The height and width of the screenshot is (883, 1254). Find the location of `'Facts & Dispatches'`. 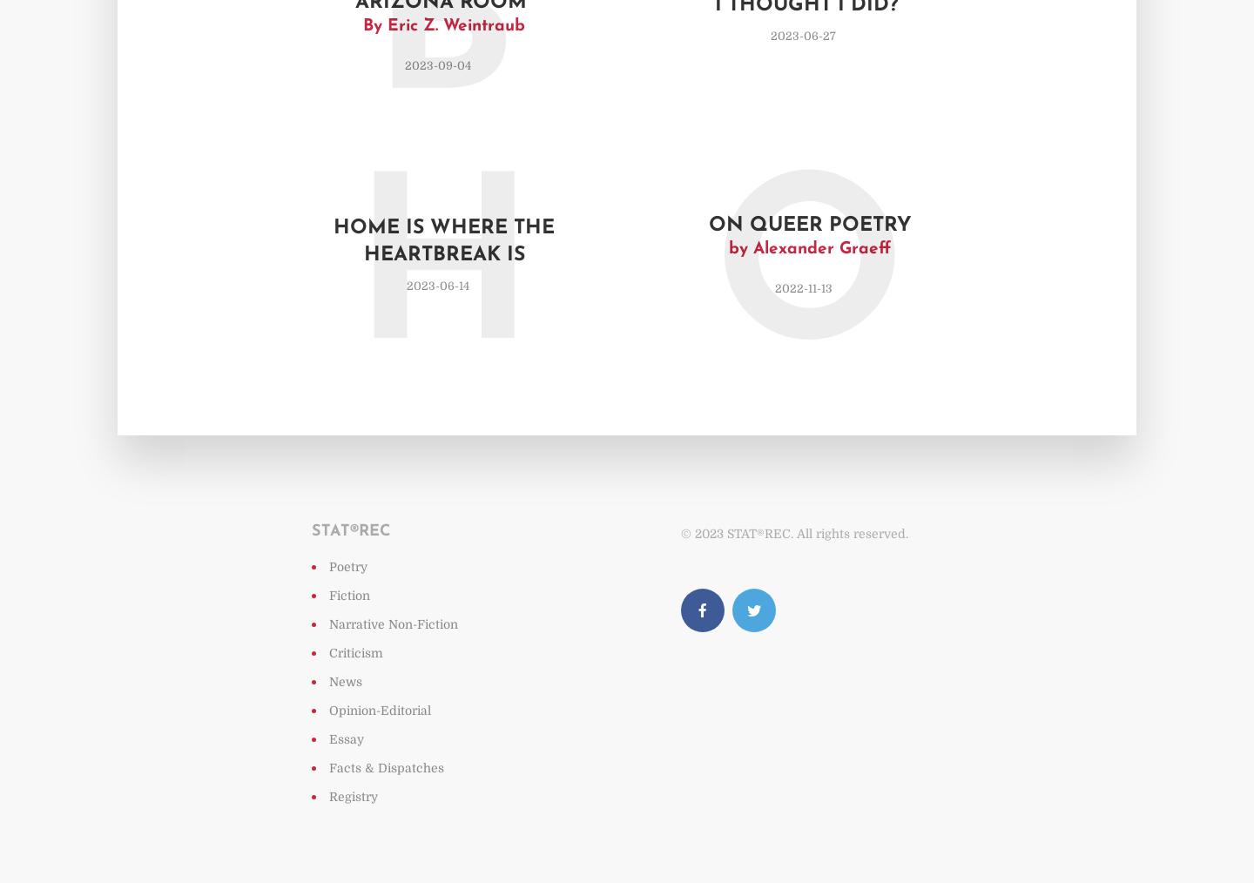

'Facts & Dispatches' is located at coordinates (328, 766).